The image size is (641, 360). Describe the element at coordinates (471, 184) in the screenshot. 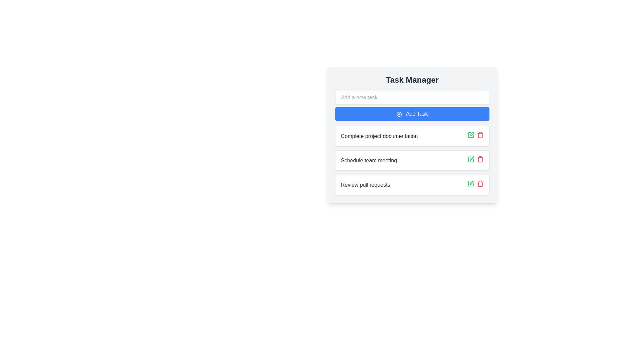

I see `the green edit button with a pen icon located in the right control section of the 'Review pull requests' task` at that location.